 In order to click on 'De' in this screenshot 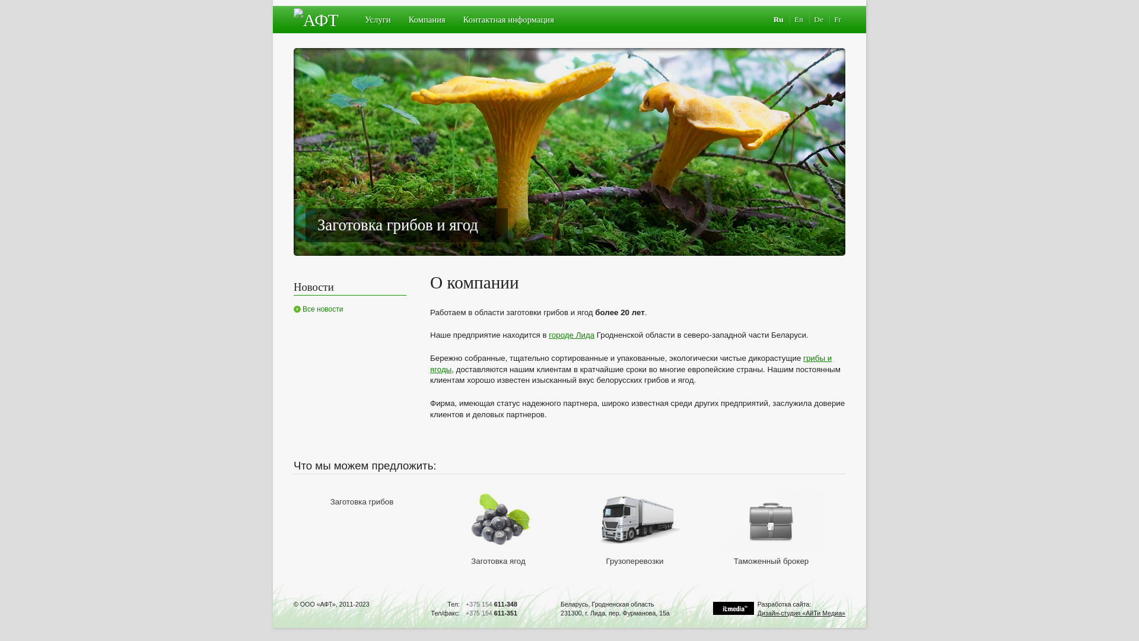, I will do `click(817, 19)`.